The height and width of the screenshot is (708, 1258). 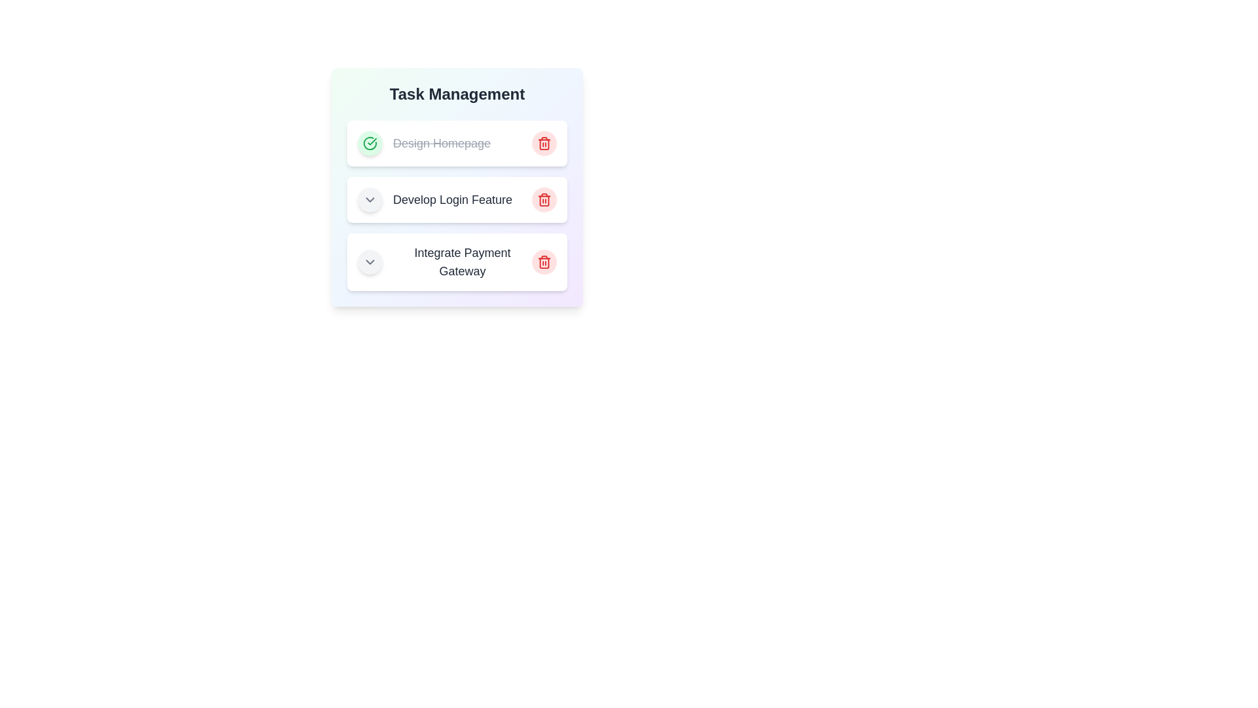 I want to click on the task Develop Login Feature to read its details, so click(x=457, y=199).